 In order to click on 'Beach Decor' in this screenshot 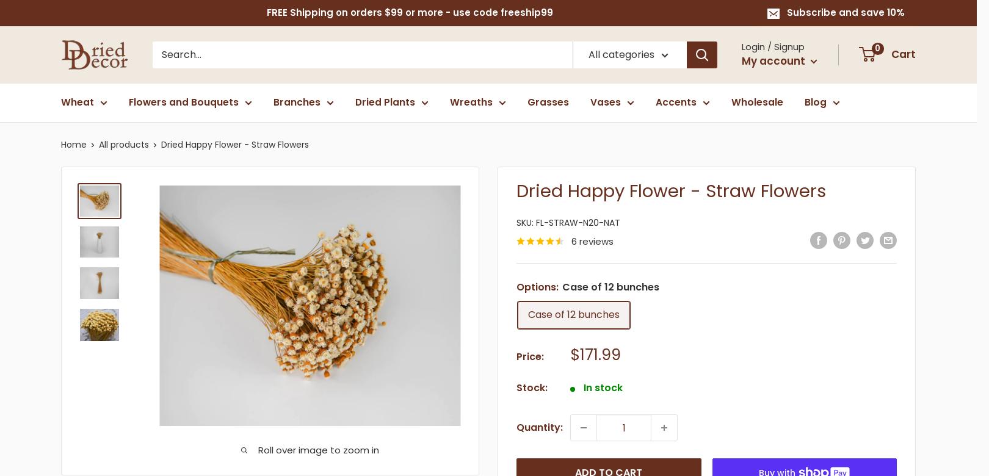, I will do `click(690, 224)`.